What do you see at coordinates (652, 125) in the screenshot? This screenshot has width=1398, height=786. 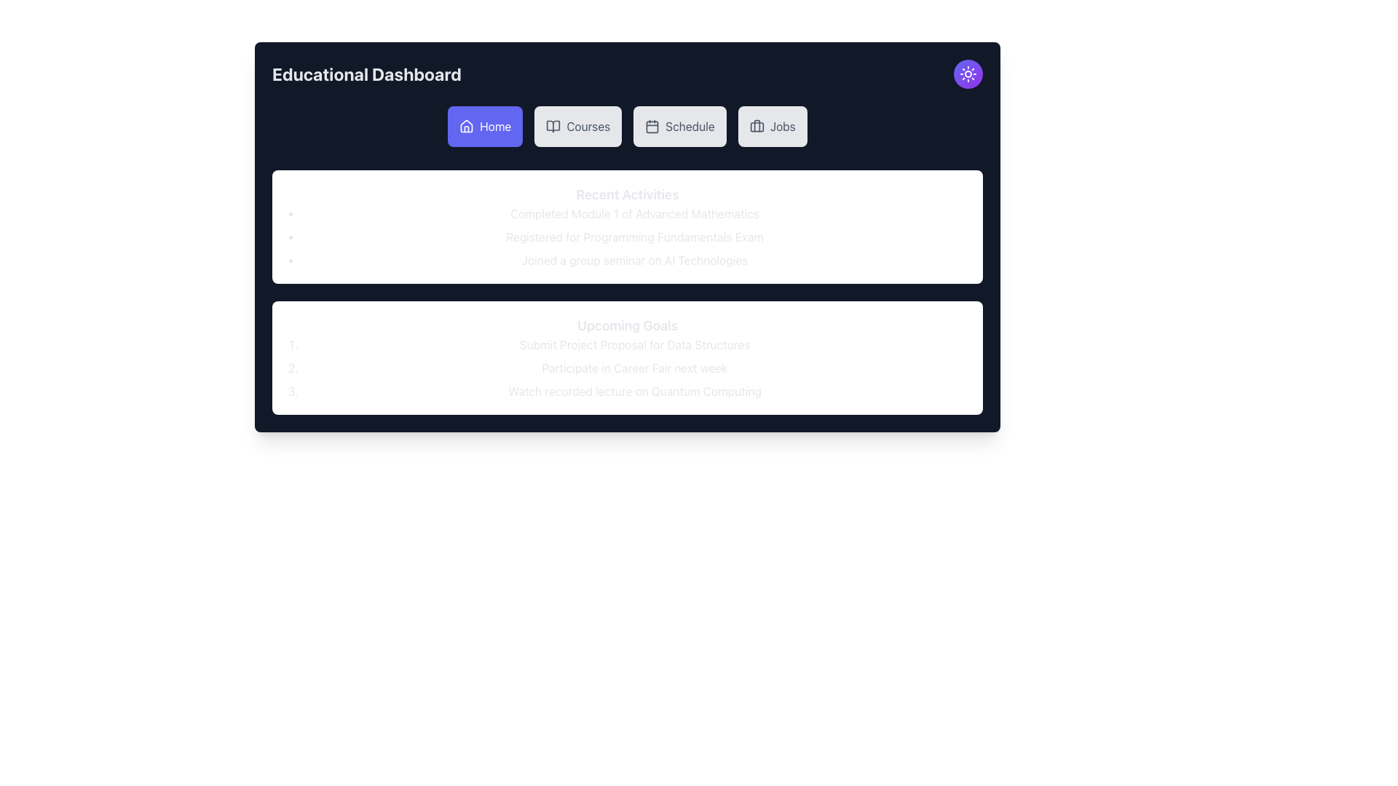 I see `the 'Schedule' icon which visually represents a calendar, located in the horizontal navigation menu at the top of the interface` at bounding box center [652, 125].